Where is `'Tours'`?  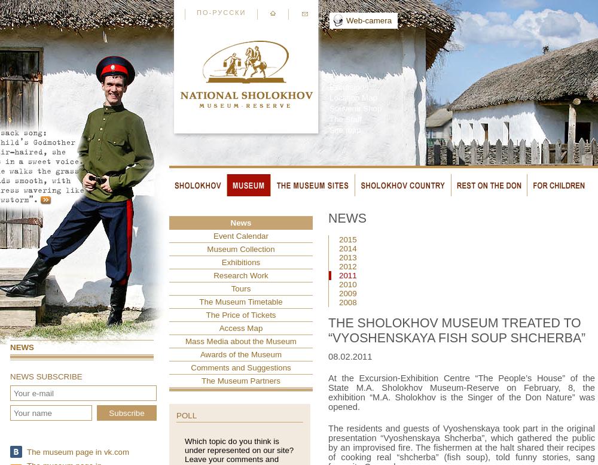
'Tours' is located at coordinates (240, 288).